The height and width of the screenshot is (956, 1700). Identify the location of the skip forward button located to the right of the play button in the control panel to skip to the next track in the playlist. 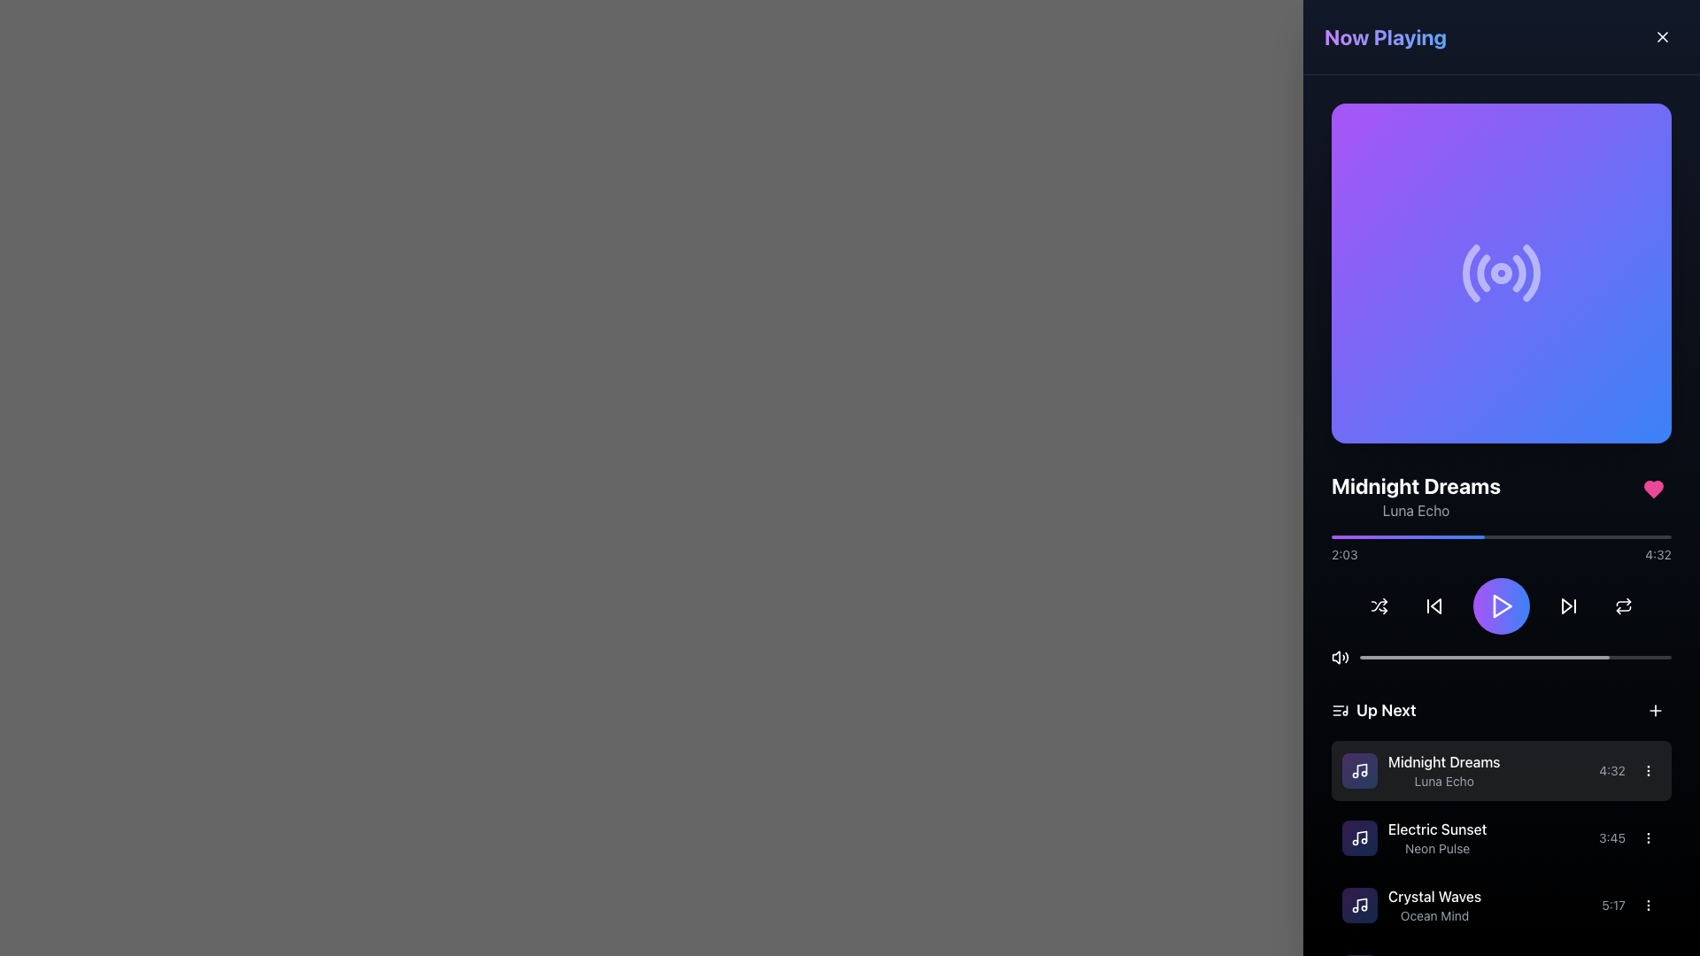
(1568, 605).